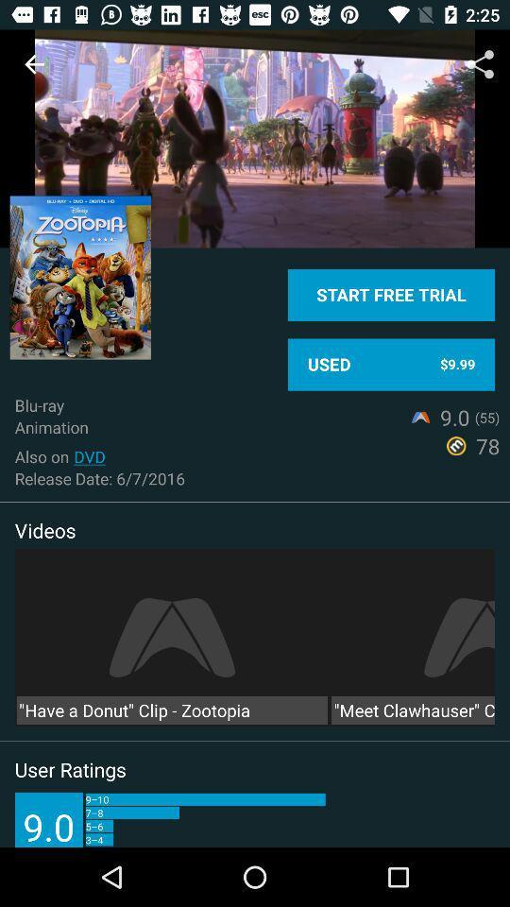 This screenshot has width=510, height=907. Describe the element at coordinates (89, 455) in the screenshot. I see `the icon to the right of also on item` at that location.